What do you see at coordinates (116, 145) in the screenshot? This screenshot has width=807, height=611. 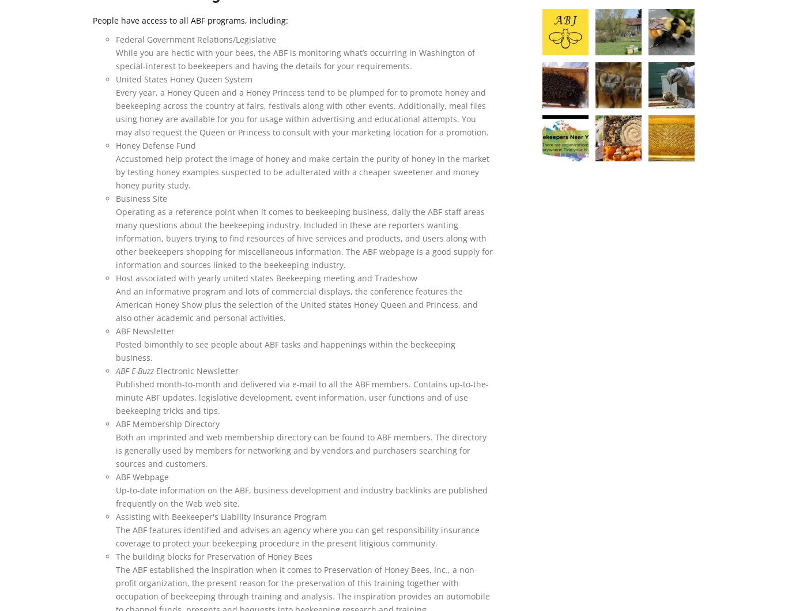 I see `'Honey Defense Fund'` at bounding box center [116, 145].